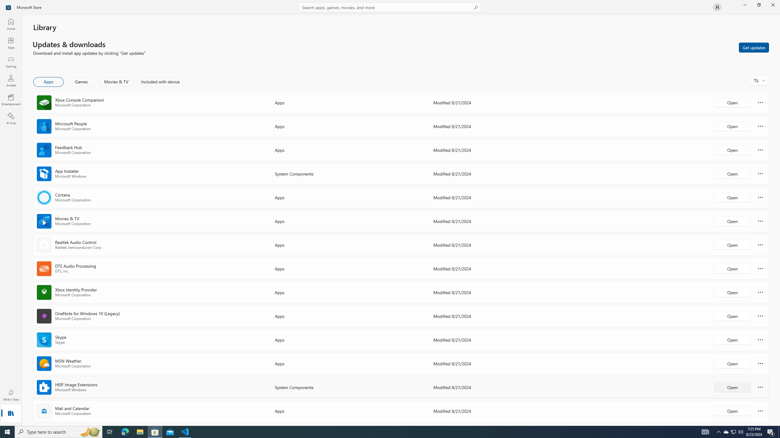 Image resolution: width=780 pixels, height=438 pixels. I want to click on 'Games', so click(81, 82).